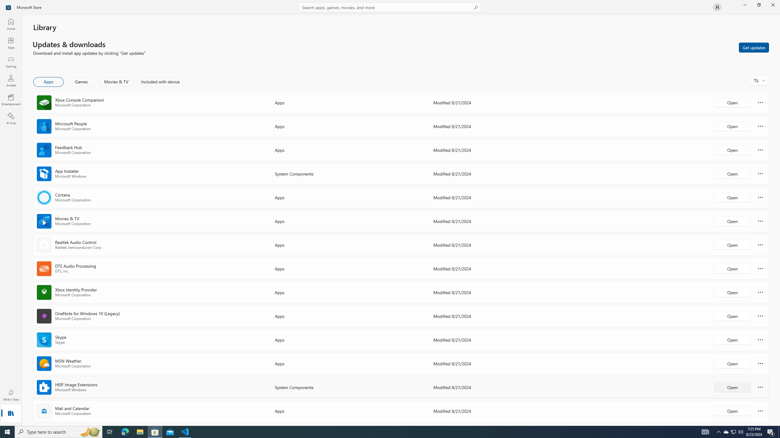 Image resolution: width=780 pixels, height=438 pixels. I want to click on 'Games', so click(81, 82).